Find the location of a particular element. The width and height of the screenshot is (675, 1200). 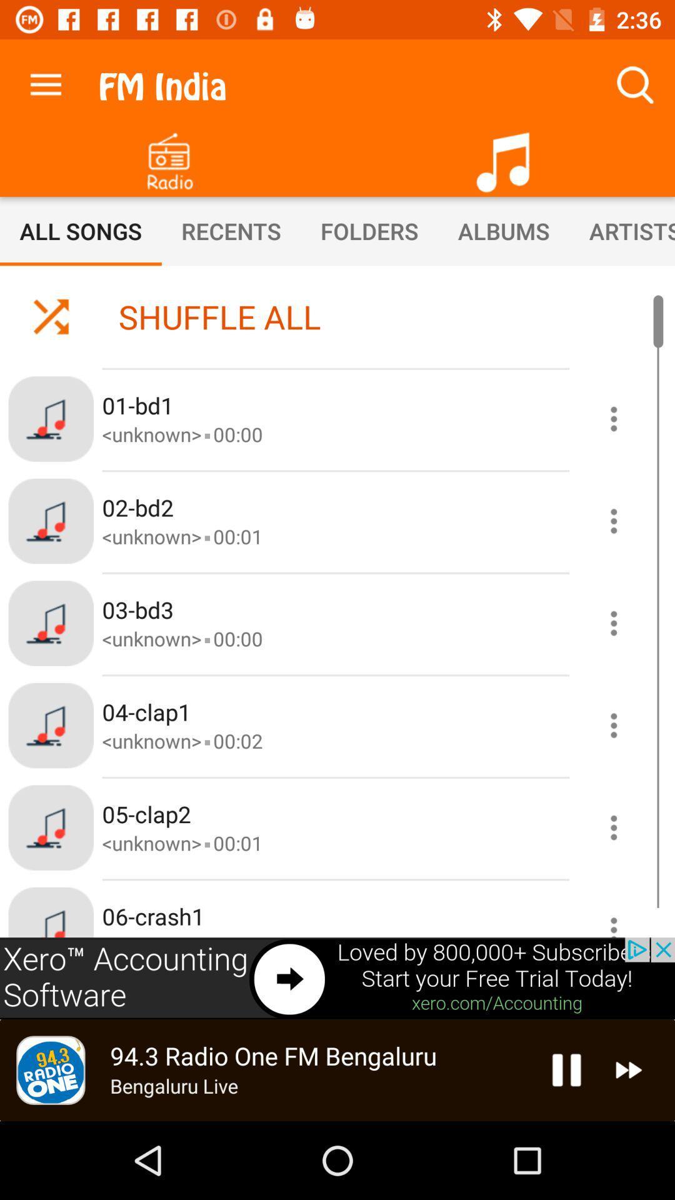

the av_forward icon is located at coordinates (629, 1069).